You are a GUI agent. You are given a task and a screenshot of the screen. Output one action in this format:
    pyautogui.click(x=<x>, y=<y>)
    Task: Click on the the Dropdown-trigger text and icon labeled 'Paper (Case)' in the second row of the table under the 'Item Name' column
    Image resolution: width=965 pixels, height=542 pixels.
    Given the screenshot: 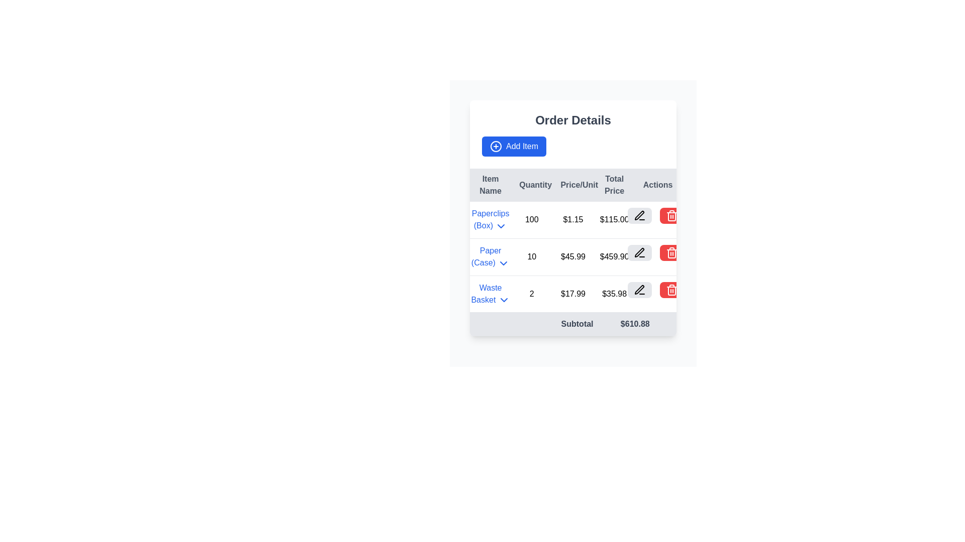 What is the action you would take?
    pyautogui.click(x=491, y=256)
    